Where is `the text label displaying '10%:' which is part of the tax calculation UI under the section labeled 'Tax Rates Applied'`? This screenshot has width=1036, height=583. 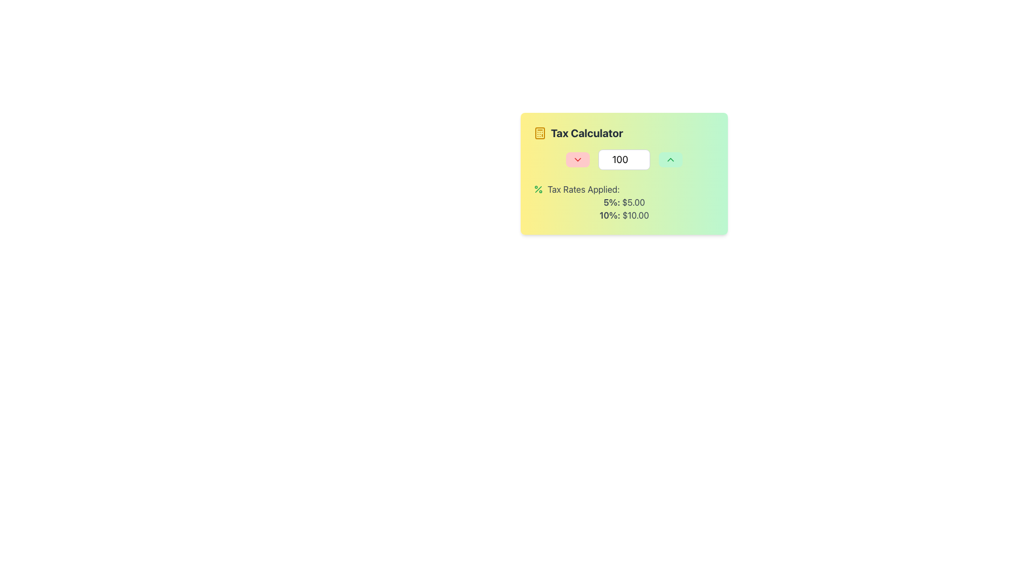 the text label displaying '10%:' which is part of the tax calculation UI under the section labeled 'Tax Rates Applied' is located at coordinates (611, 215).